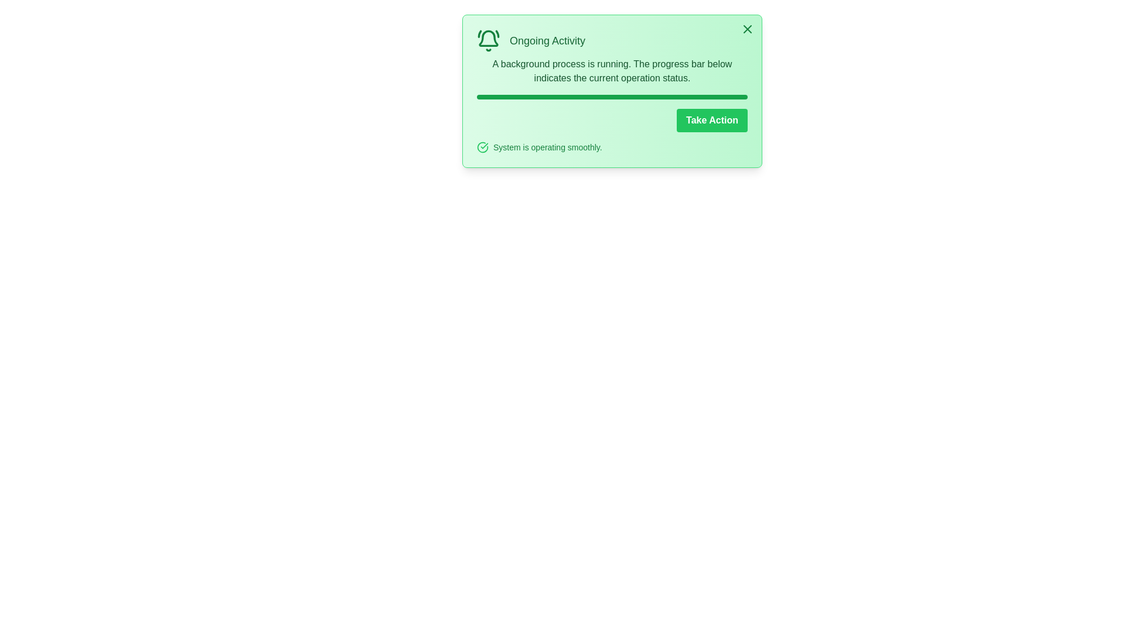 This screenshot has height=632, width=1125. Describe the element at coordinates (711, 120) in the screenshot. I see `'Take Action' button to execute the associated action` at that location.